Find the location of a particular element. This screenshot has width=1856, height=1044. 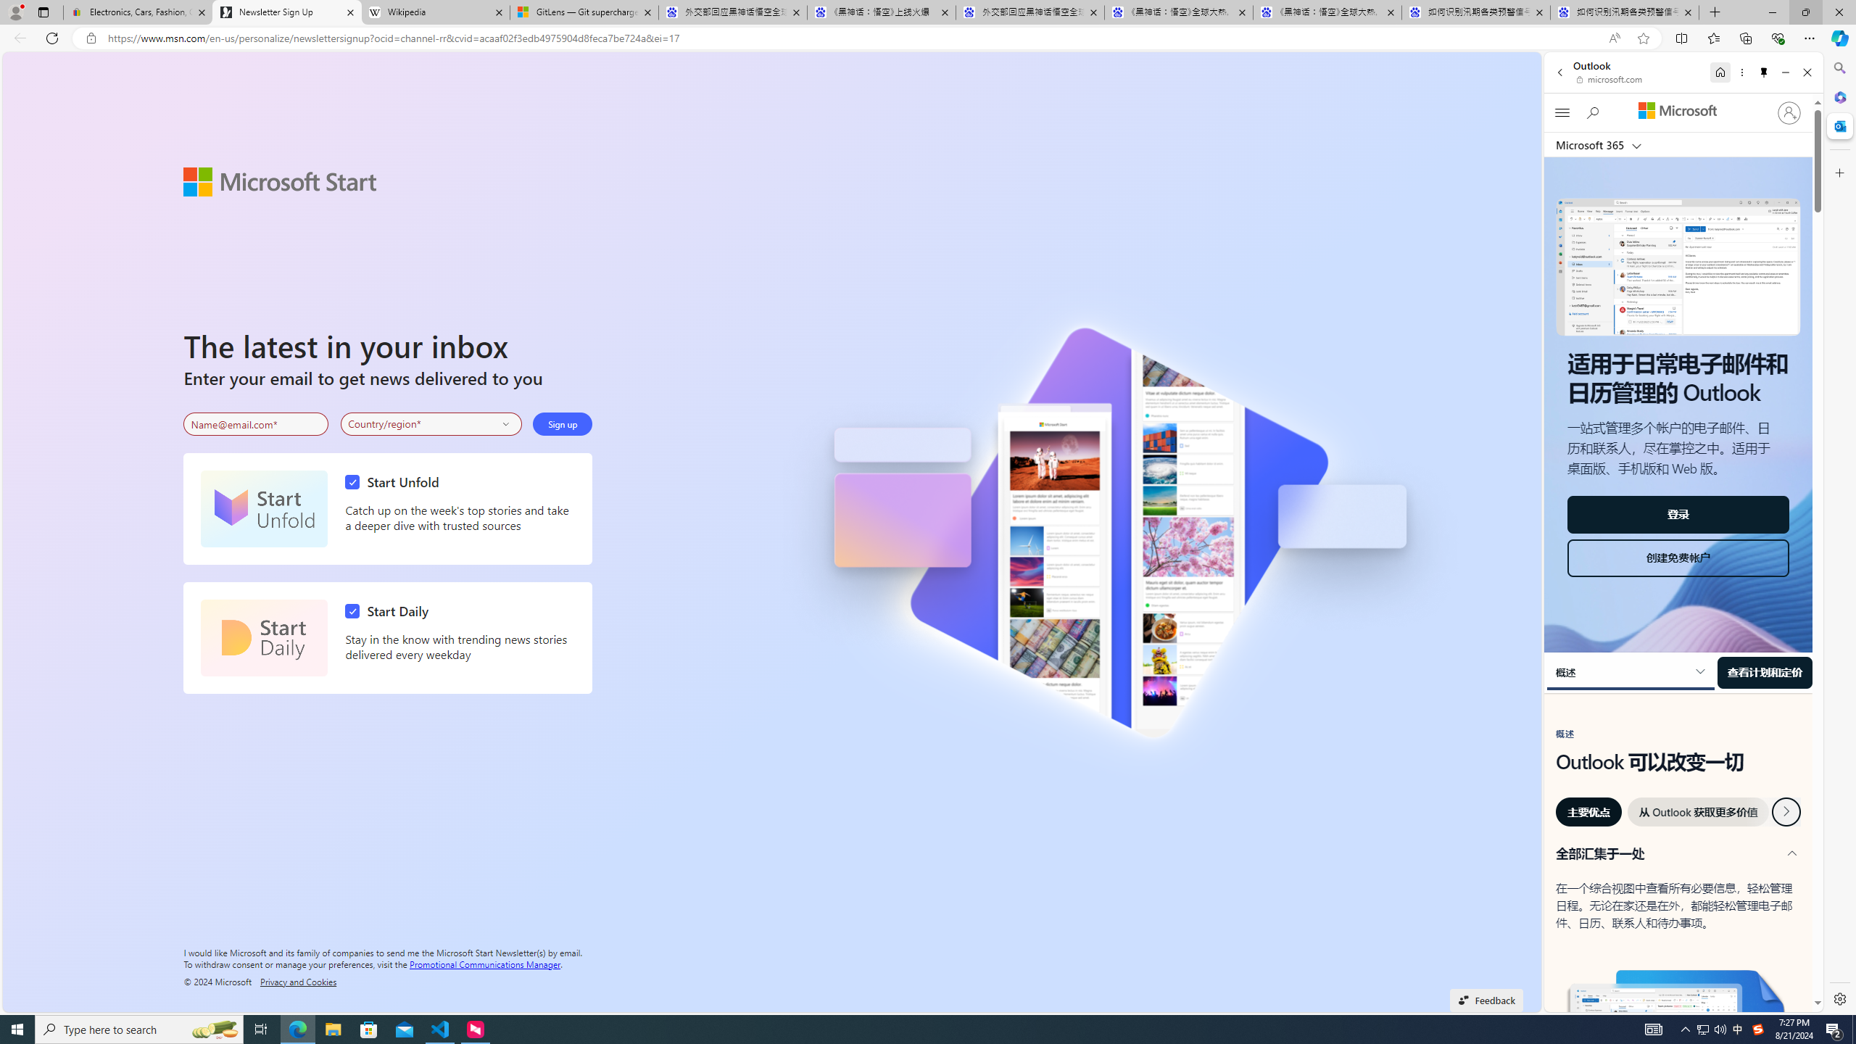

'View site information' is located at coordinates (91, 38).